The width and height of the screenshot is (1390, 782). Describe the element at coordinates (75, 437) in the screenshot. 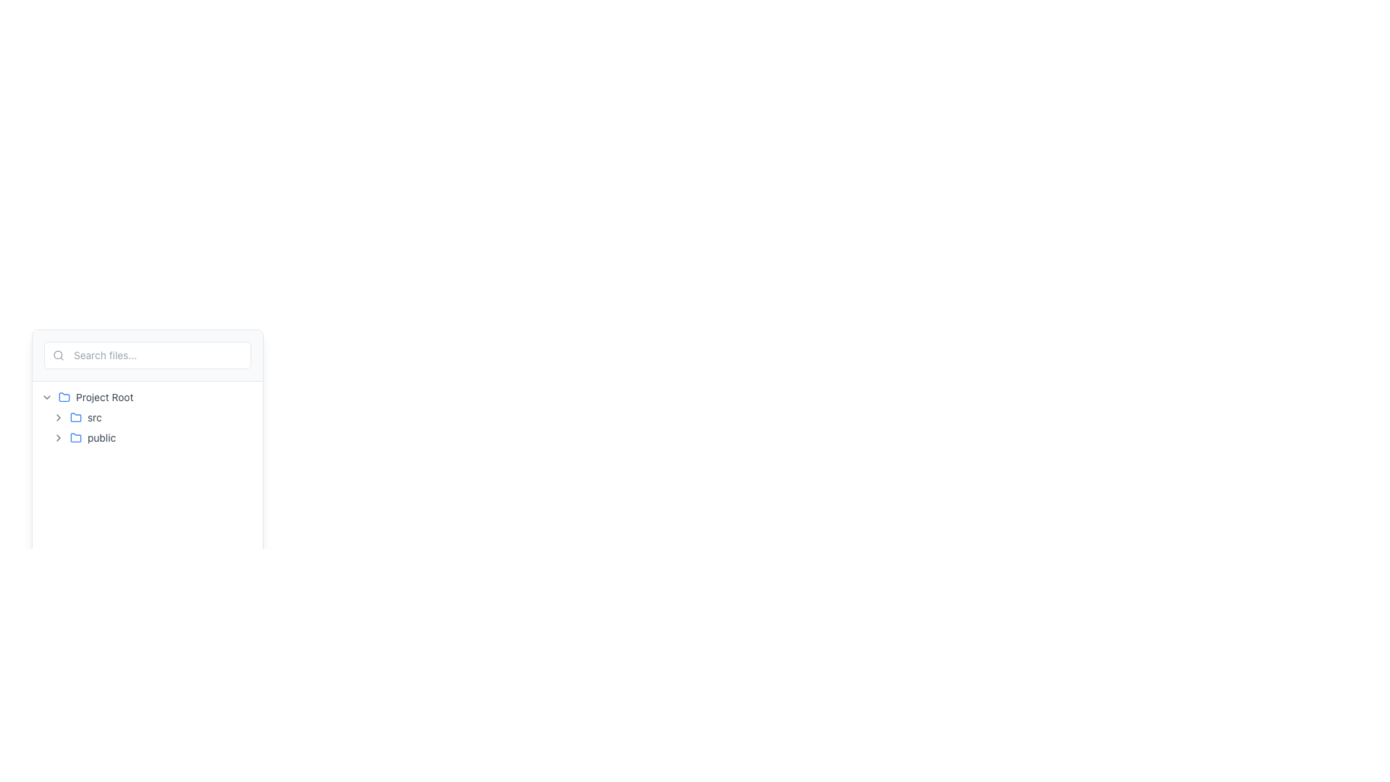

I see `the blue-colored folder icon with rounded edges, which is positioned left of the 'public' text label` at that location.